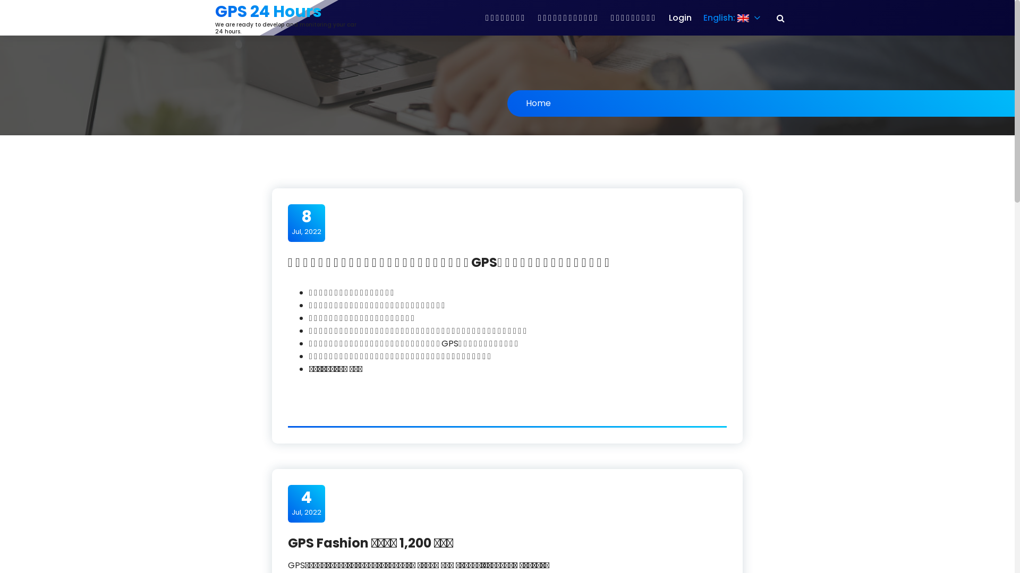 Image resolution: width=1020 pixels, height=573 pixels. What do you see at coordinates (661, 18) in the screenshot?
I see `'Login'` at bounding box center [661, 18].